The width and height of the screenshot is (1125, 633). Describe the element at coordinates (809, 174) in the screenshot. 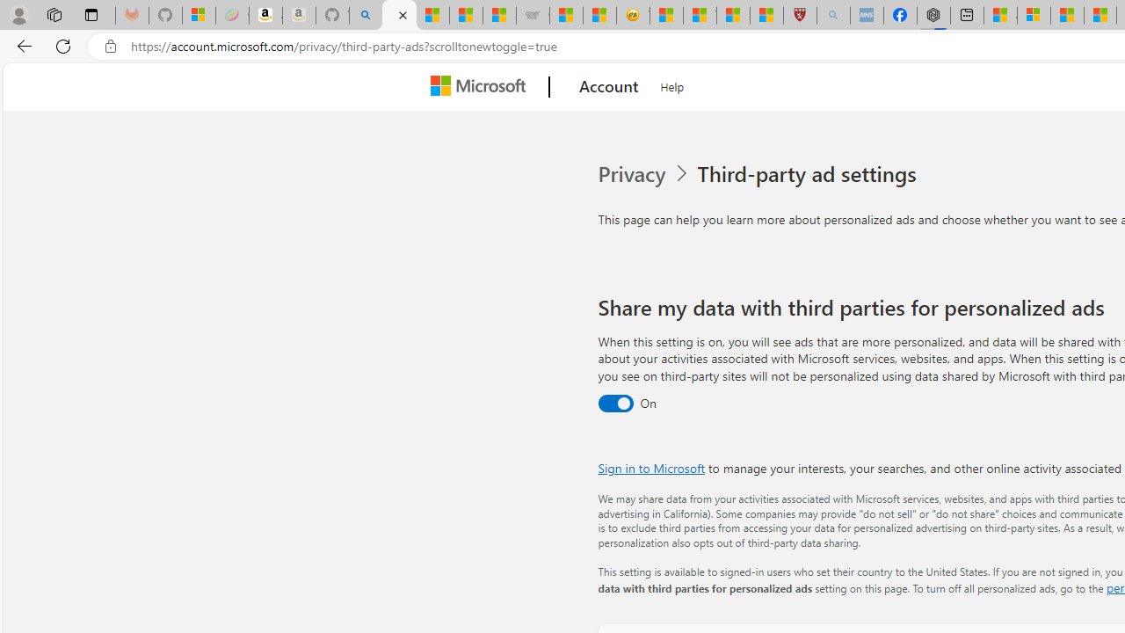

I see `'Third-party ad settings'` at that location.